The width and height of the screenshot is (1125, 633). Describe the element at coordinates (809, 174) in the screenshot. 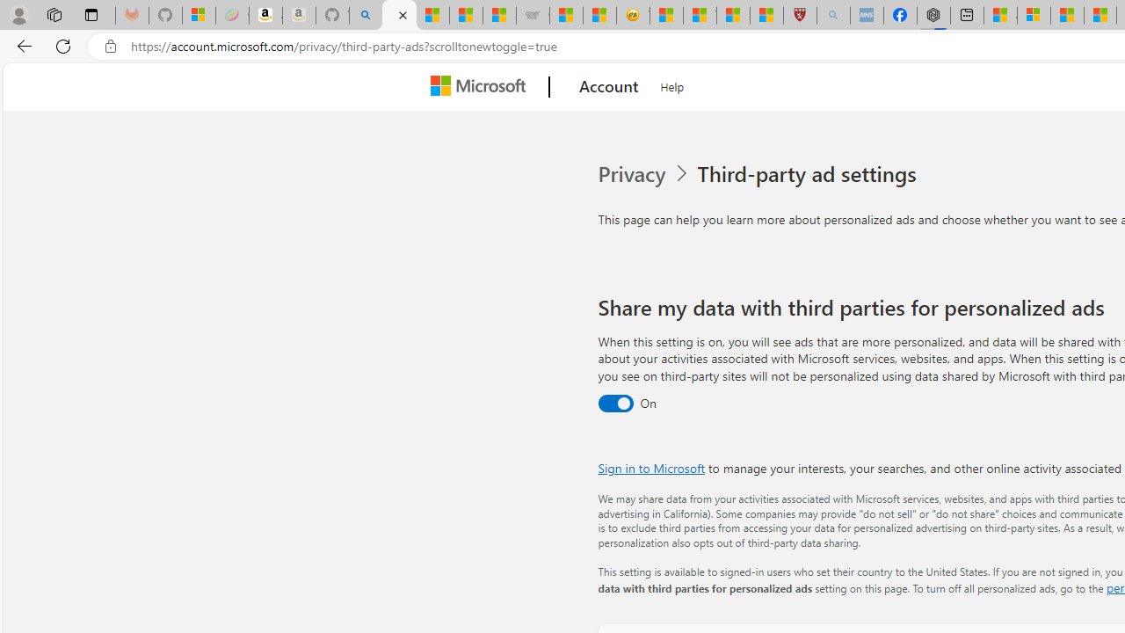

I see `'Third-party ad settings'` at that location.